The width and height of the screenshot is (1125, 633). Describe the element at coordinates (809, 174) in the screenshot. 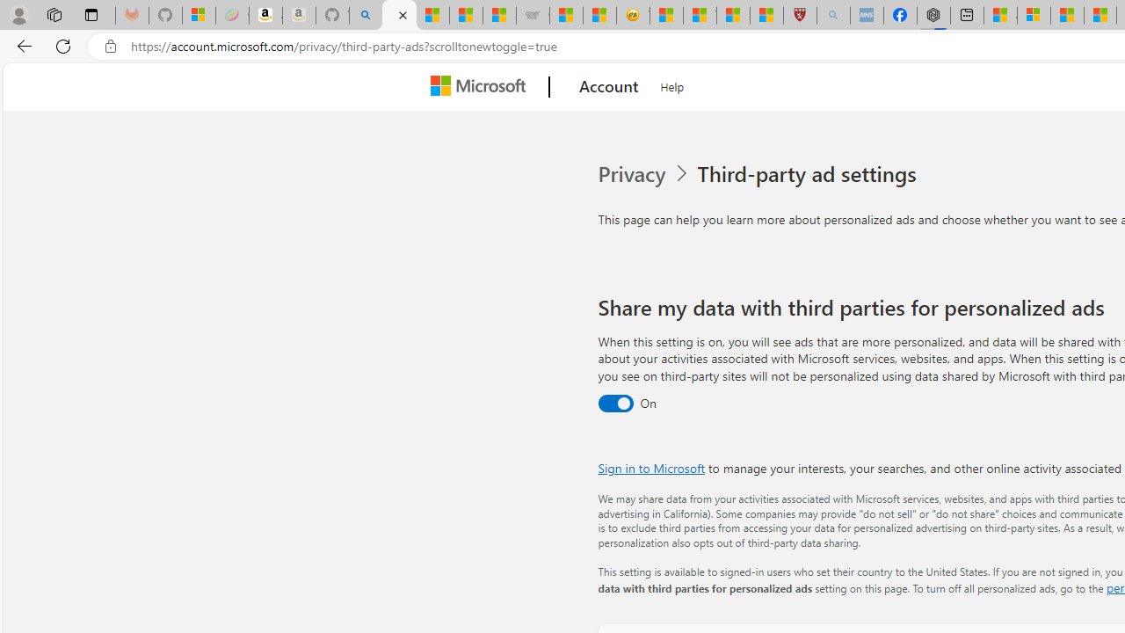

I see `'Third-party ad settings'` at that location.